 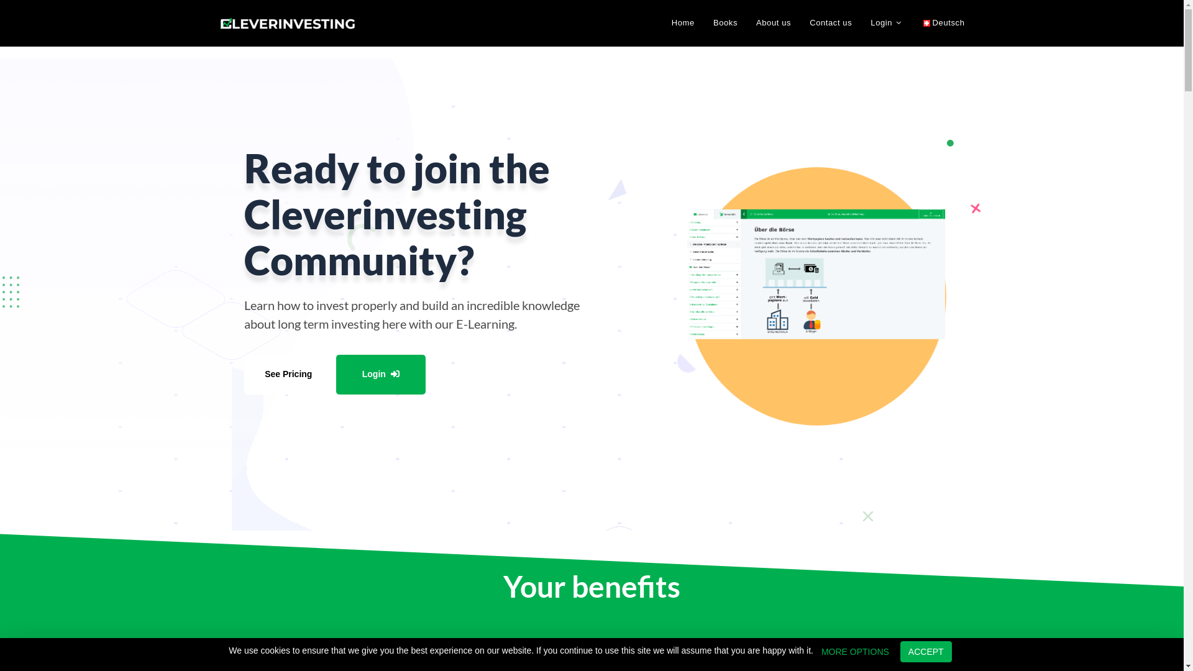 What do you see at coordinates (288, 373) in the screenshot?
I see `'See Pricing'` at bounding box center [288, 373].